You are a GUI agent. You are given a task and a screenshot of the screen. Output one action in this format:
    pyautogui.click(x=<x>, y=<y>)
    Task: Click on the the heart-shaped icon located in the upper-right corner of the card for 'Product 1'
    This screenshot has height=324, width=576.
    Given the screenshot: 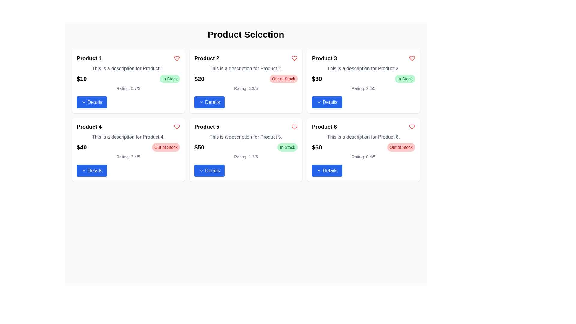 What is the action you would take?
    pyautogui.click(x=177, y=58)
    